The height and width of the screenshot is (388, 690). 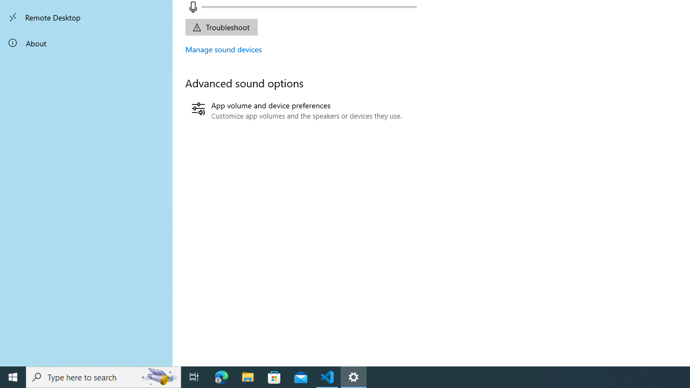 What do you see at coordinates (297, 110) in the screenshot?
I see `'App volume and device preferences'` at bounding box center [297, 110].